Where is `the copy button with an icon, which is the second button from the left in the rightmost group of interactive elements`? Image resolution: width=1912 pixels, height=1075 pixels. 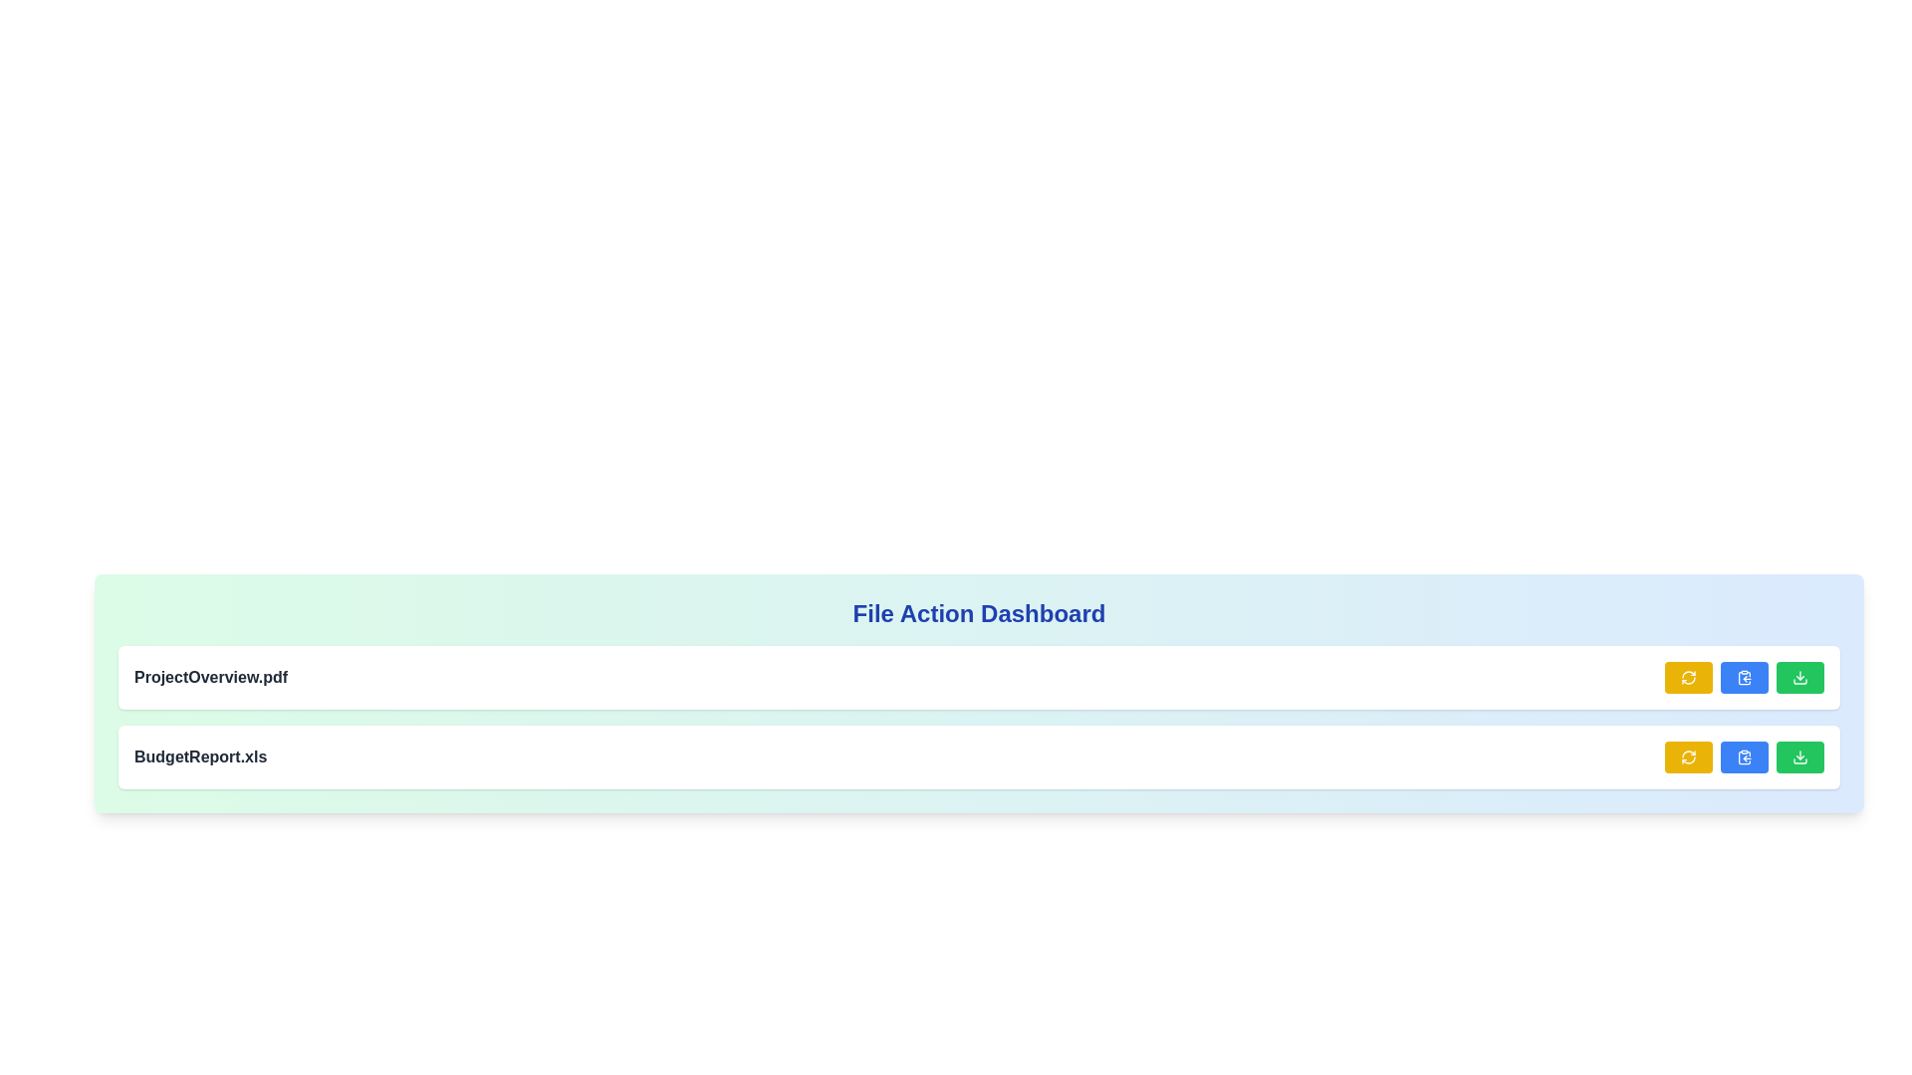 the copy button with an icon, which is the second button from the left in the rightmost group of interactive elements is located at coordinates (1744, 756).